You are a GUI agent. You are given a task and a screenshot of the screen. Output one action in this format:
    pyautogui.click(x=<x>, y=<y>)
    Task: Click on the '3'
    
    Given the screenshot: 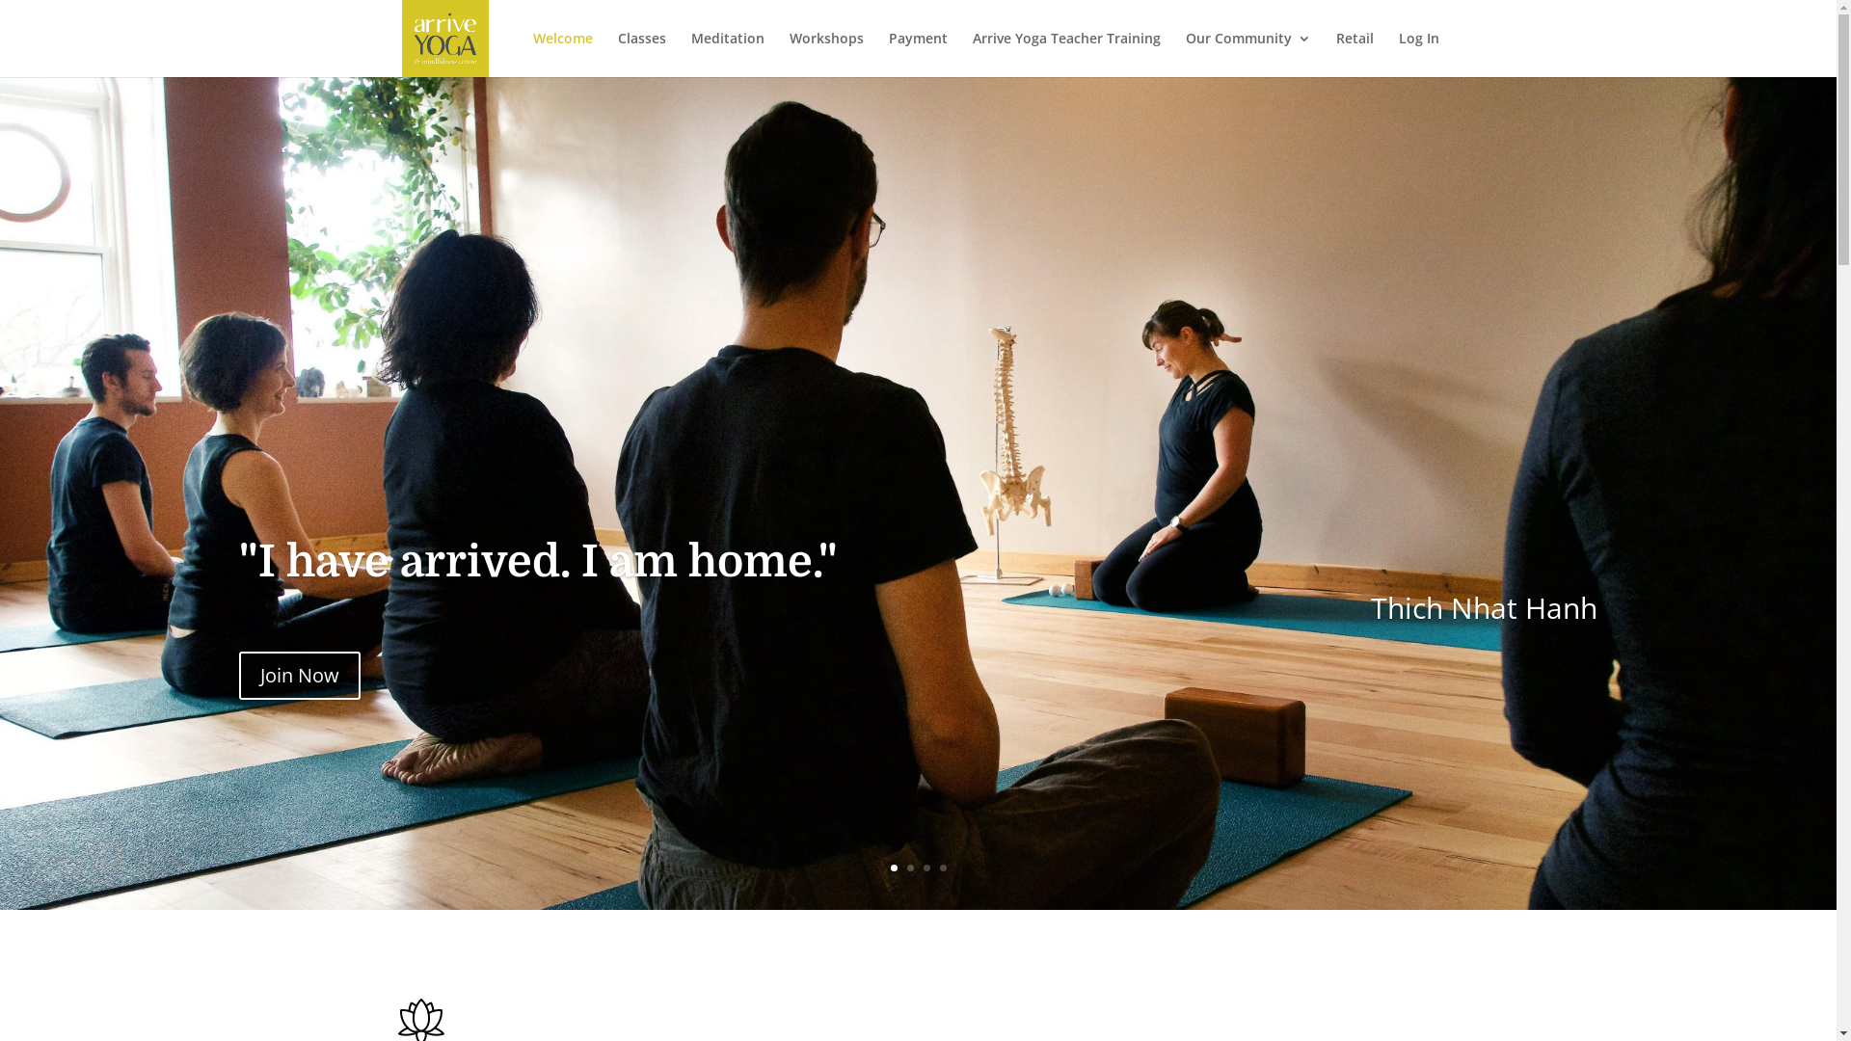 What is the action you would take?
    pyautogui.click(x=923, y=867)
    